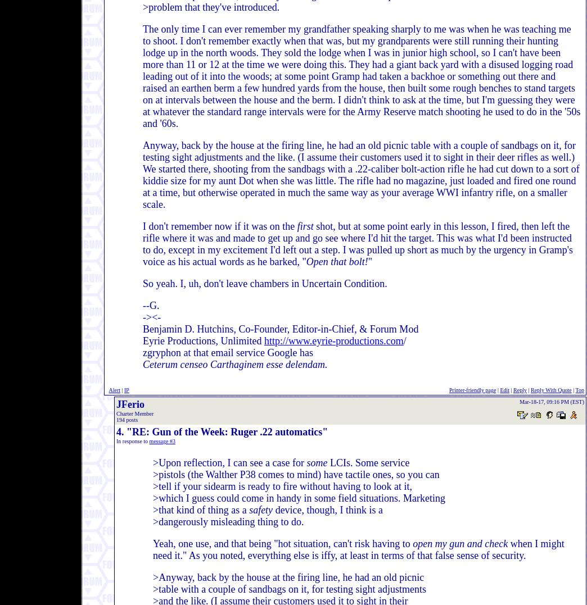  What do you see at coordinates (219, 226) in the screenshot?
I see `'I don't remember now if it was on the'` at bounding box center [219, 226].